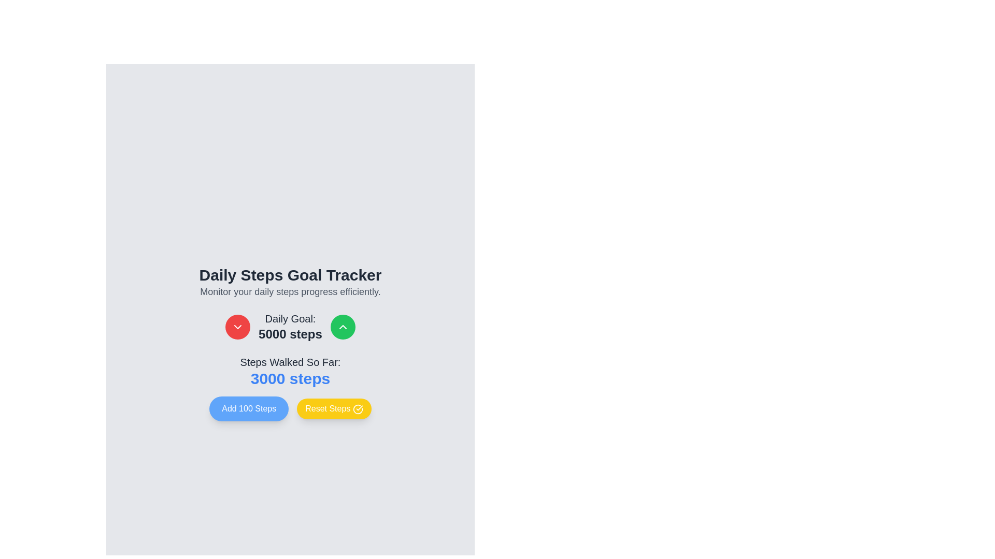 The image size is (995, 559). I want to click on the upward chevron arrow icon within the green button, so click(343, 327).